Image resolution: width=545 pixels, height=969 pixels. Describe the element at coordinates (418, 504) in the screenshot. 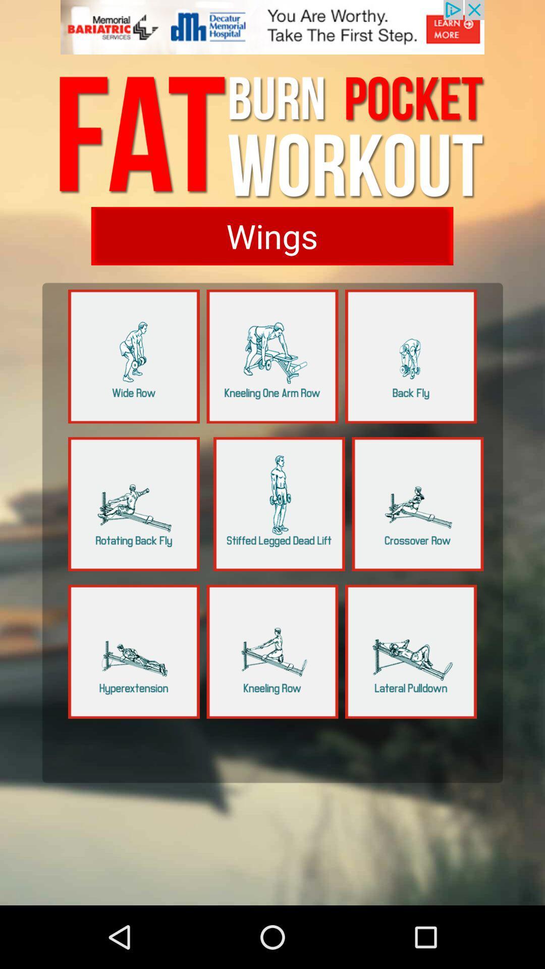

I see `crossover row` at that location.